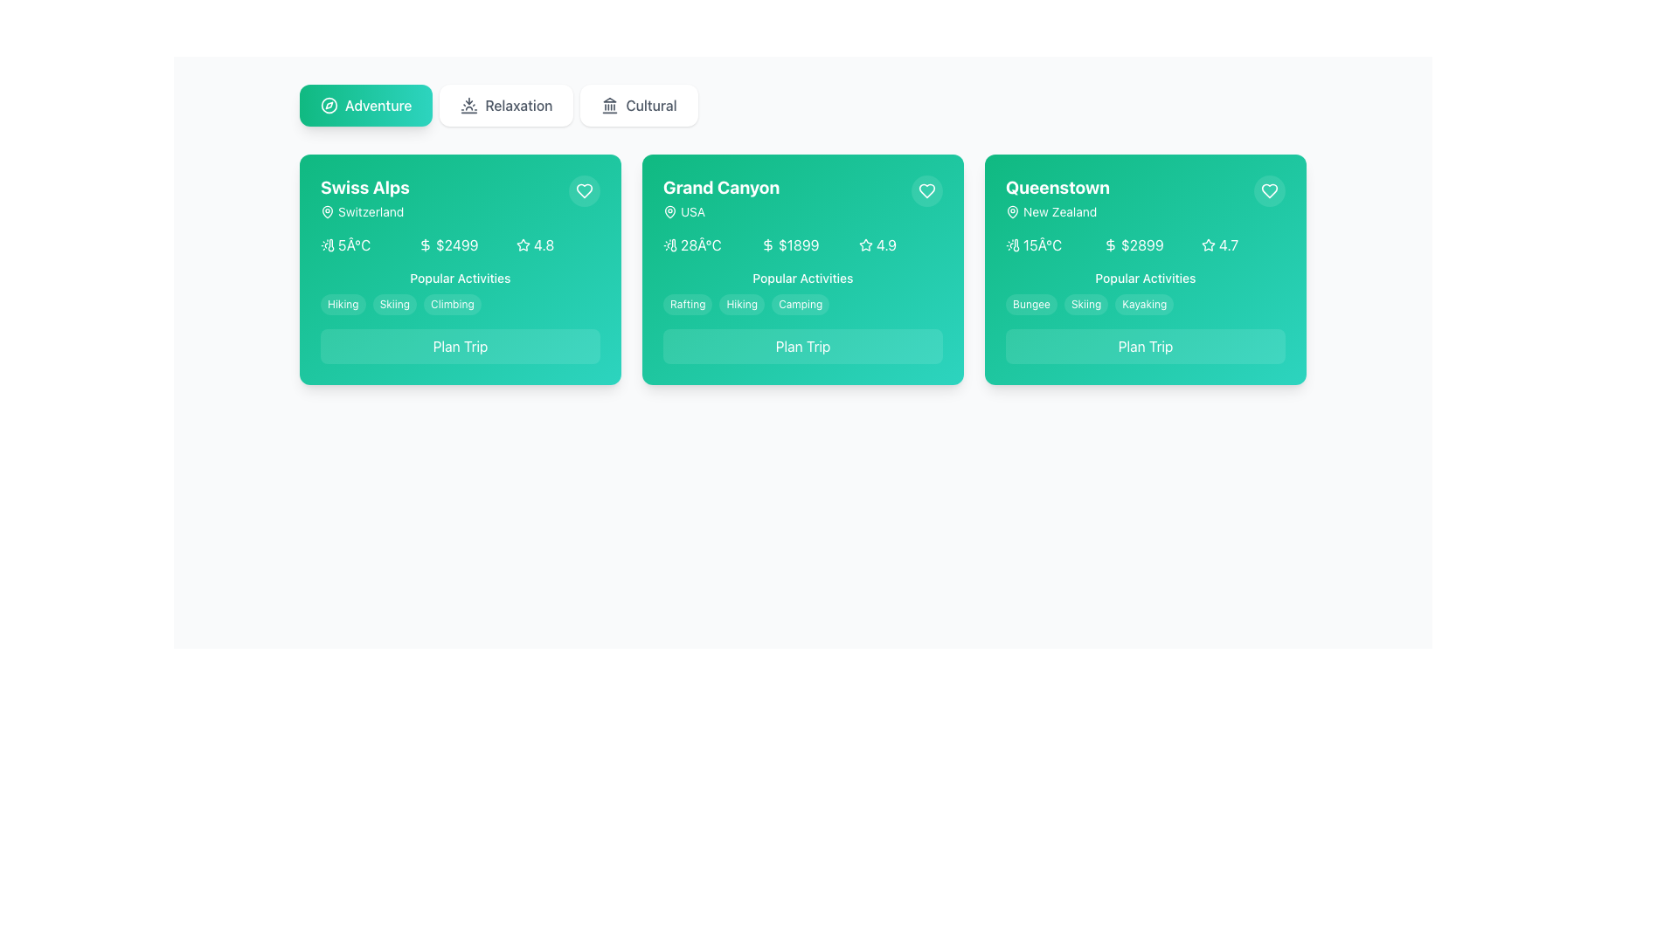 Image resolution: width=1678 pixels, height=943 pixels. What do you see at coordinates (701, 245) in the screenshot?
I see `the Text Label displaying '28°C', which is styled in white over a green background and located at the top-left region of the 'Grand Canyon' card, immediately to the right of a temperature-related icon` at bounding box center [701, 245].